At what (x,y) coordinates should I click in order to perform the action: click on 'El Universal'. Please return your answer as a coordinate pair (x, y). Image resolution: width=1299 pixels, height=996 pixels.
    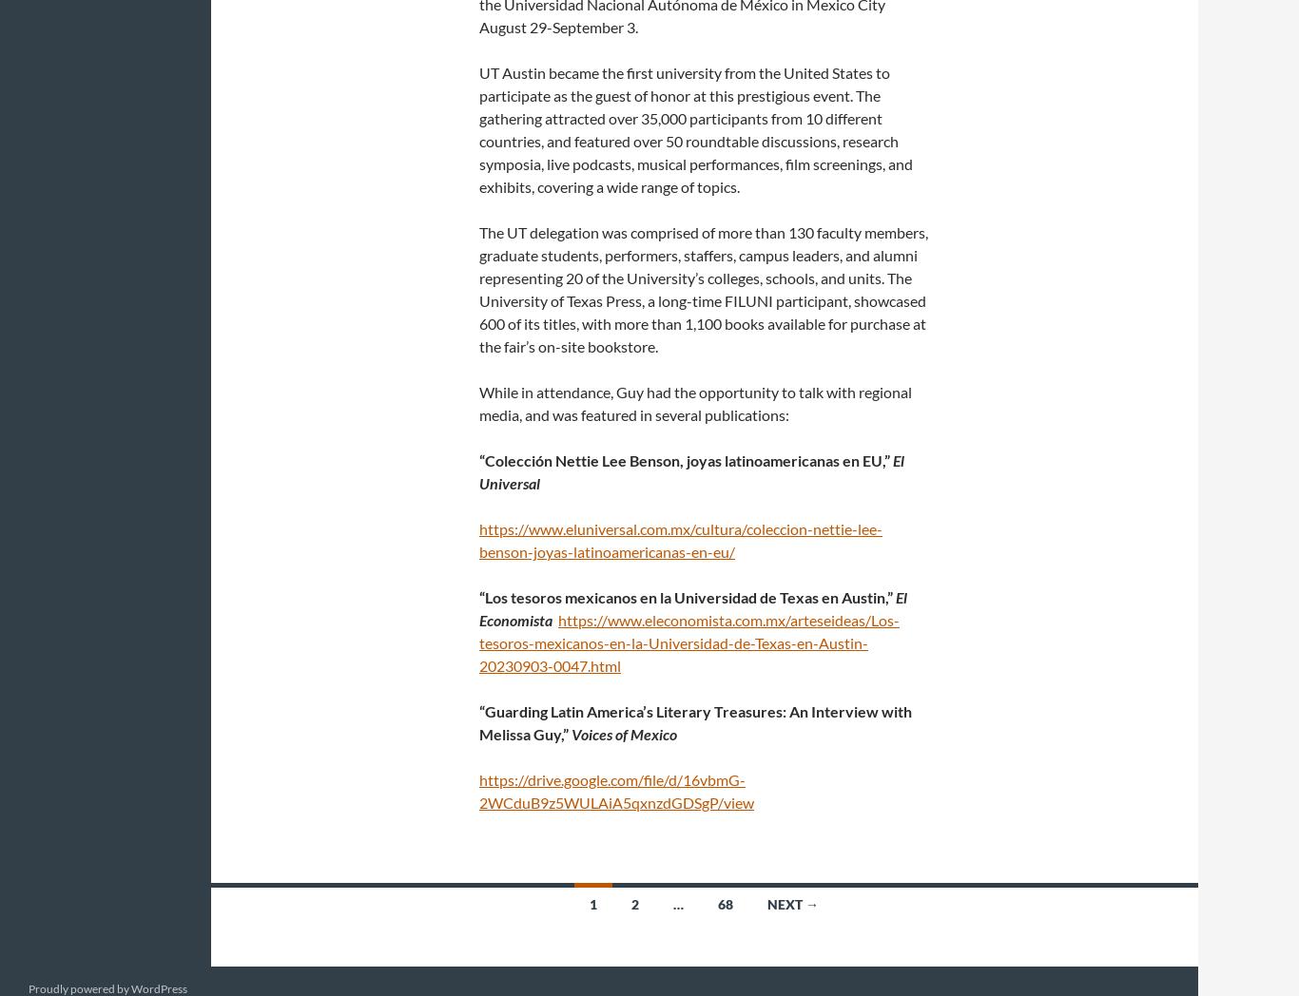
    Looking at the image, I should click on (691, 471).